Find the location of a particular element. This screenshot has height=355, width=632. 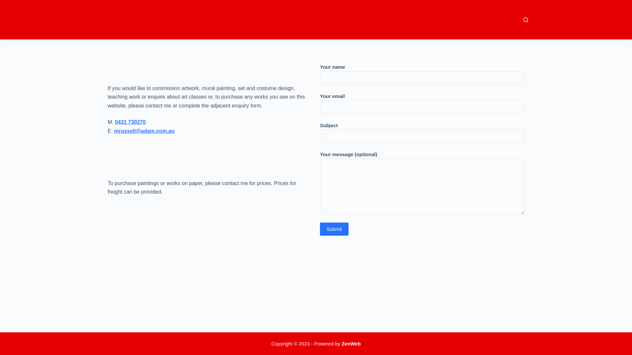

'Meredith Russell' is located at coordinates (133, 16).